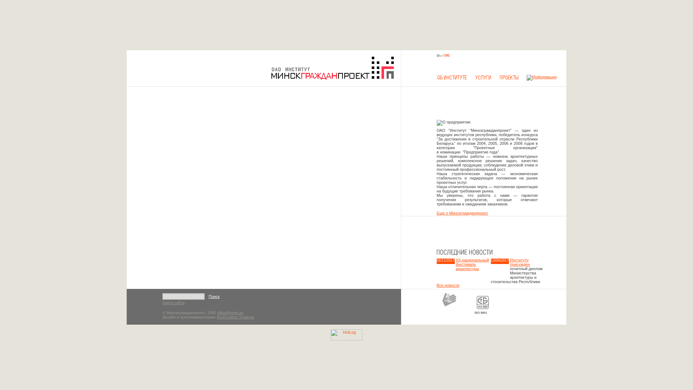 The image size is (693, 390). What do you see at coordinates (481, 312) in the screenshot?
I see `'ISO 9001'` at bounding box center [481, 312].